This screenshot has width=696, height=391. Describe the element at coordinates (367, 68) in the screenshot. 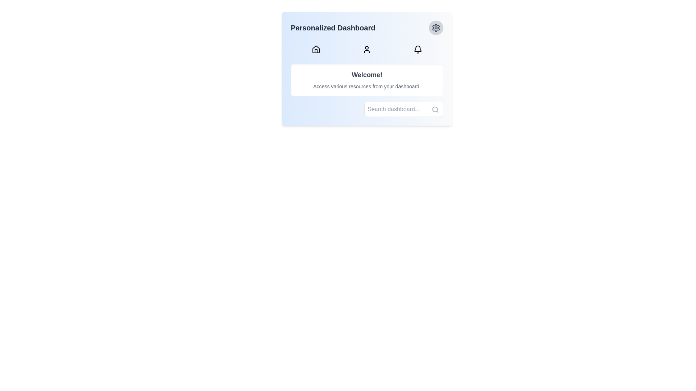

I see `the Informational Panel, which serves as an introductory section providing a welcome message and description of the dashboard, located centrally below the 'Personalized Dashboard' title and above the search bar` at that location.